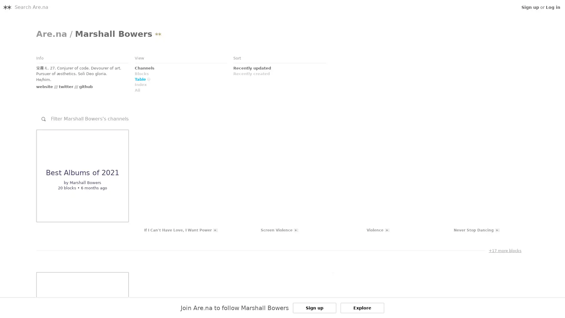 The image size is (565, 318). I want to click on Link to Embed: Never Stop Dancing, so click(476, 175).